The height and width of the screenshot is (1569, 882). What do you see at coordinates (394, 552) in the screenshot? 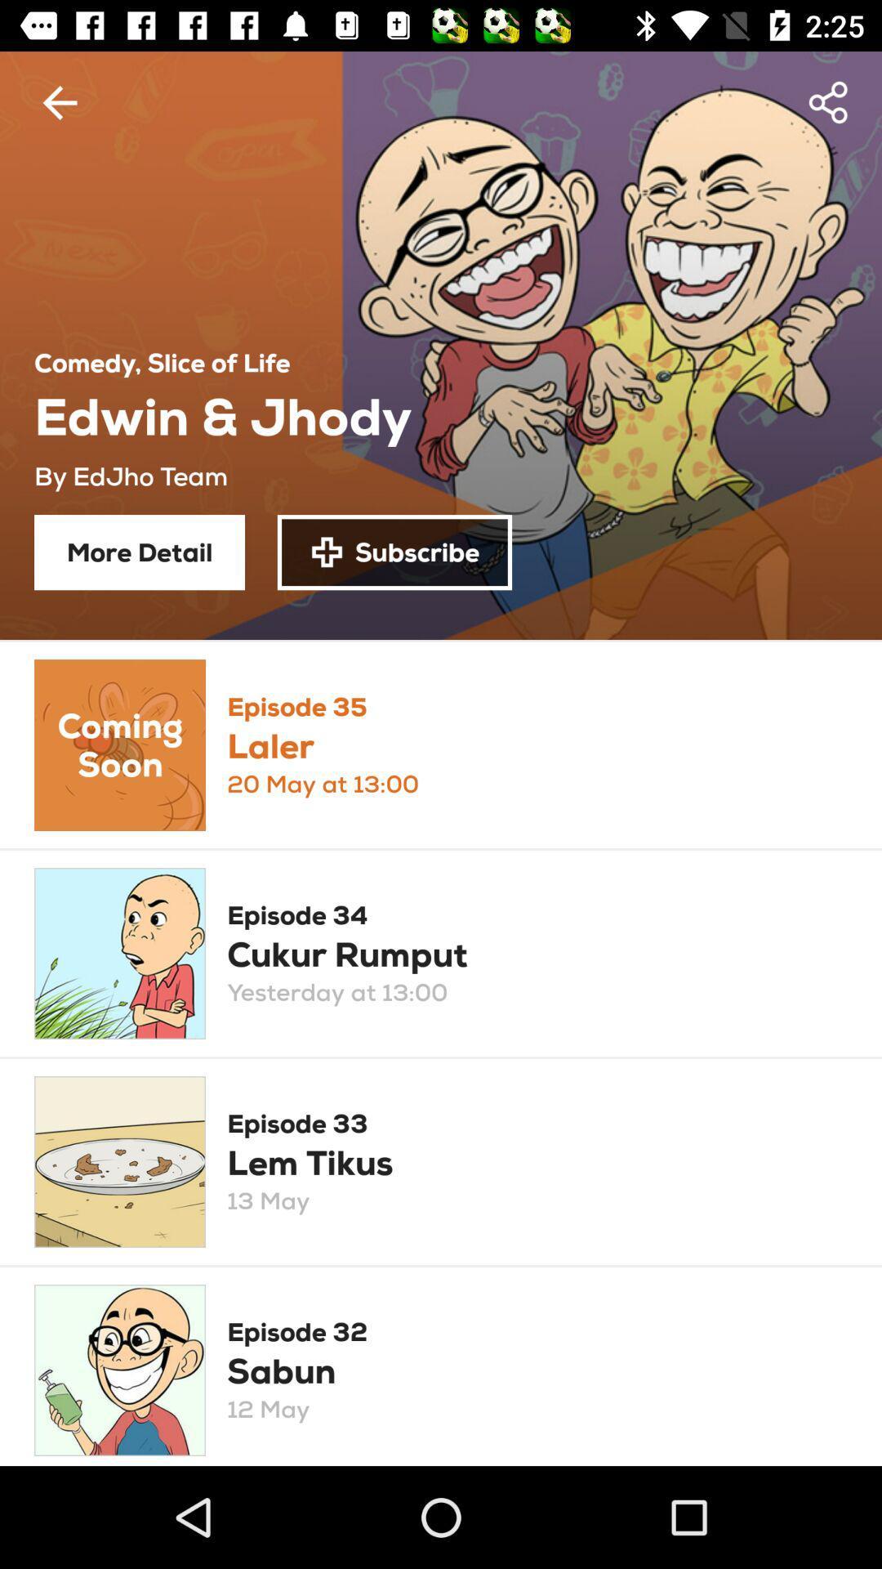
I see `the item to the right of the more detail` at bounding box center [394, 552].